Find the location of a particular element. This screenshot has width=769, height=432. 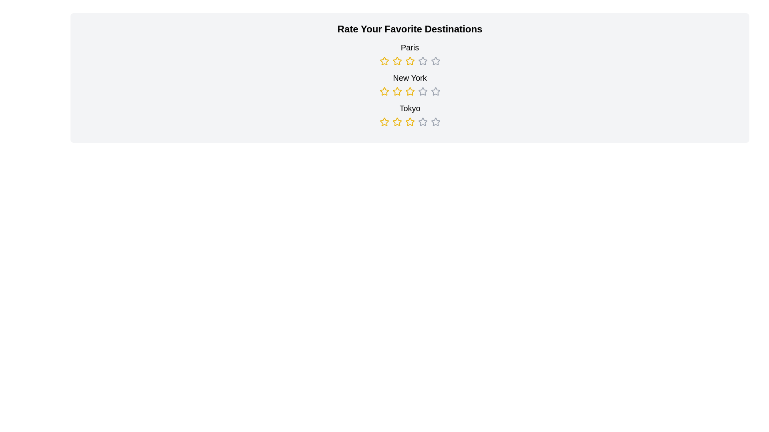

the third star from the left in the rating interface labeled 'Tokyo' to rate it is located at coordinates (397, 122).